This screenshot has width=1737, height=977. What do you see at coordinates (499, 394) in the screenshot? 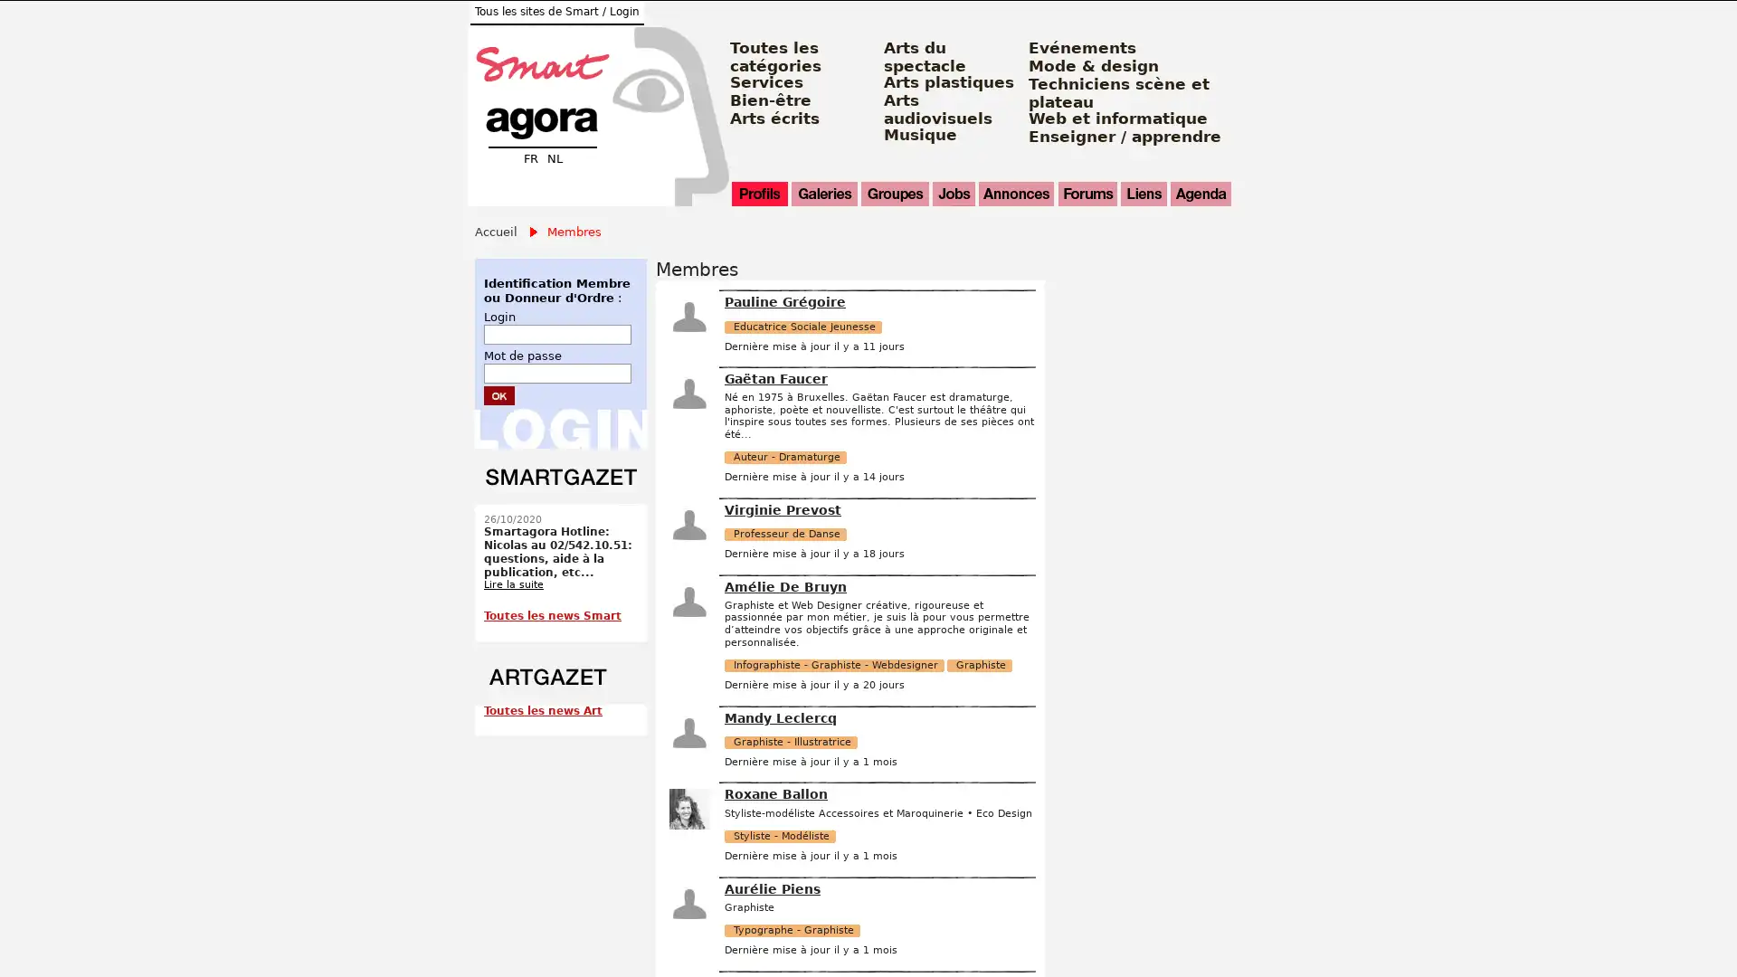
I see `Submit` at bounding box center [499, 394].